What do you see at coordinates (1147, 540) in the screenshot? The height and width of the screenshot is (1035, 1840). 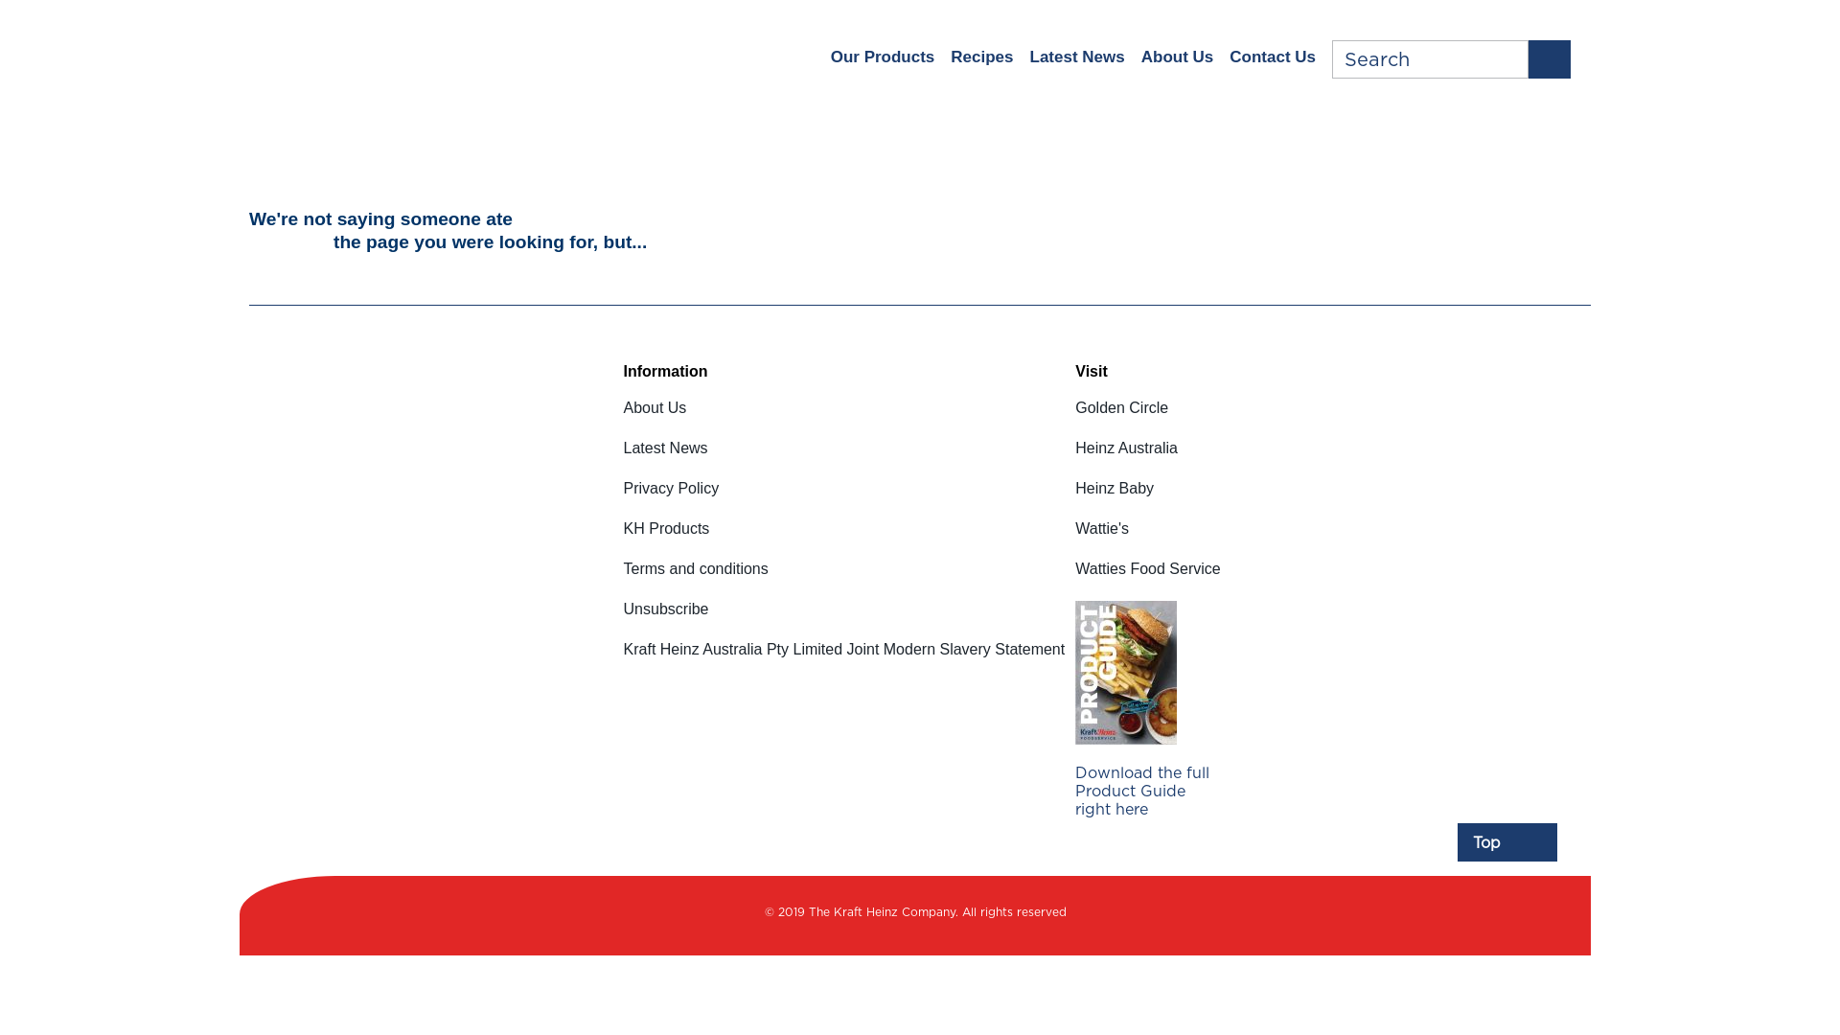 I see `'Wattie's'` at bounding box center [1147, 540].